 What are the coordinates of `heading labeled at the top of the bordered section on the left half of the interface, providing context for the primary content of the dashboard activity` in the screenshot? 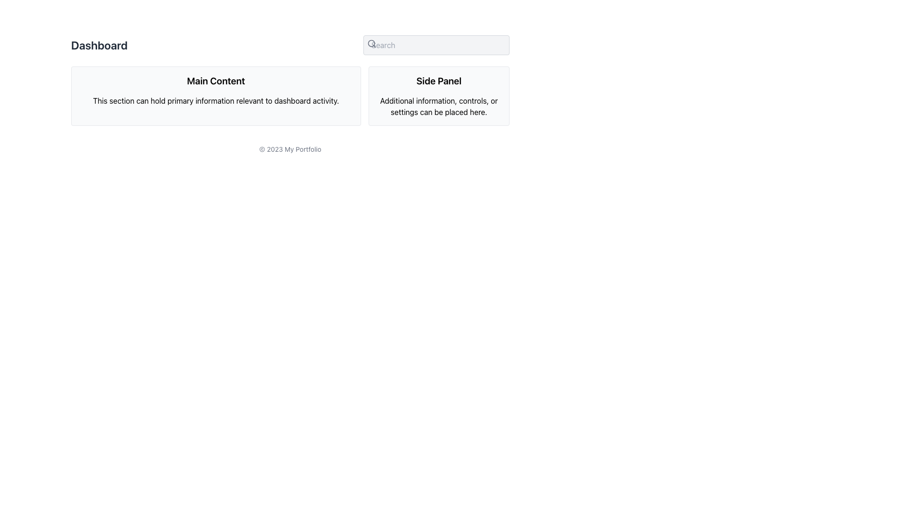 It's located at (215, 81).